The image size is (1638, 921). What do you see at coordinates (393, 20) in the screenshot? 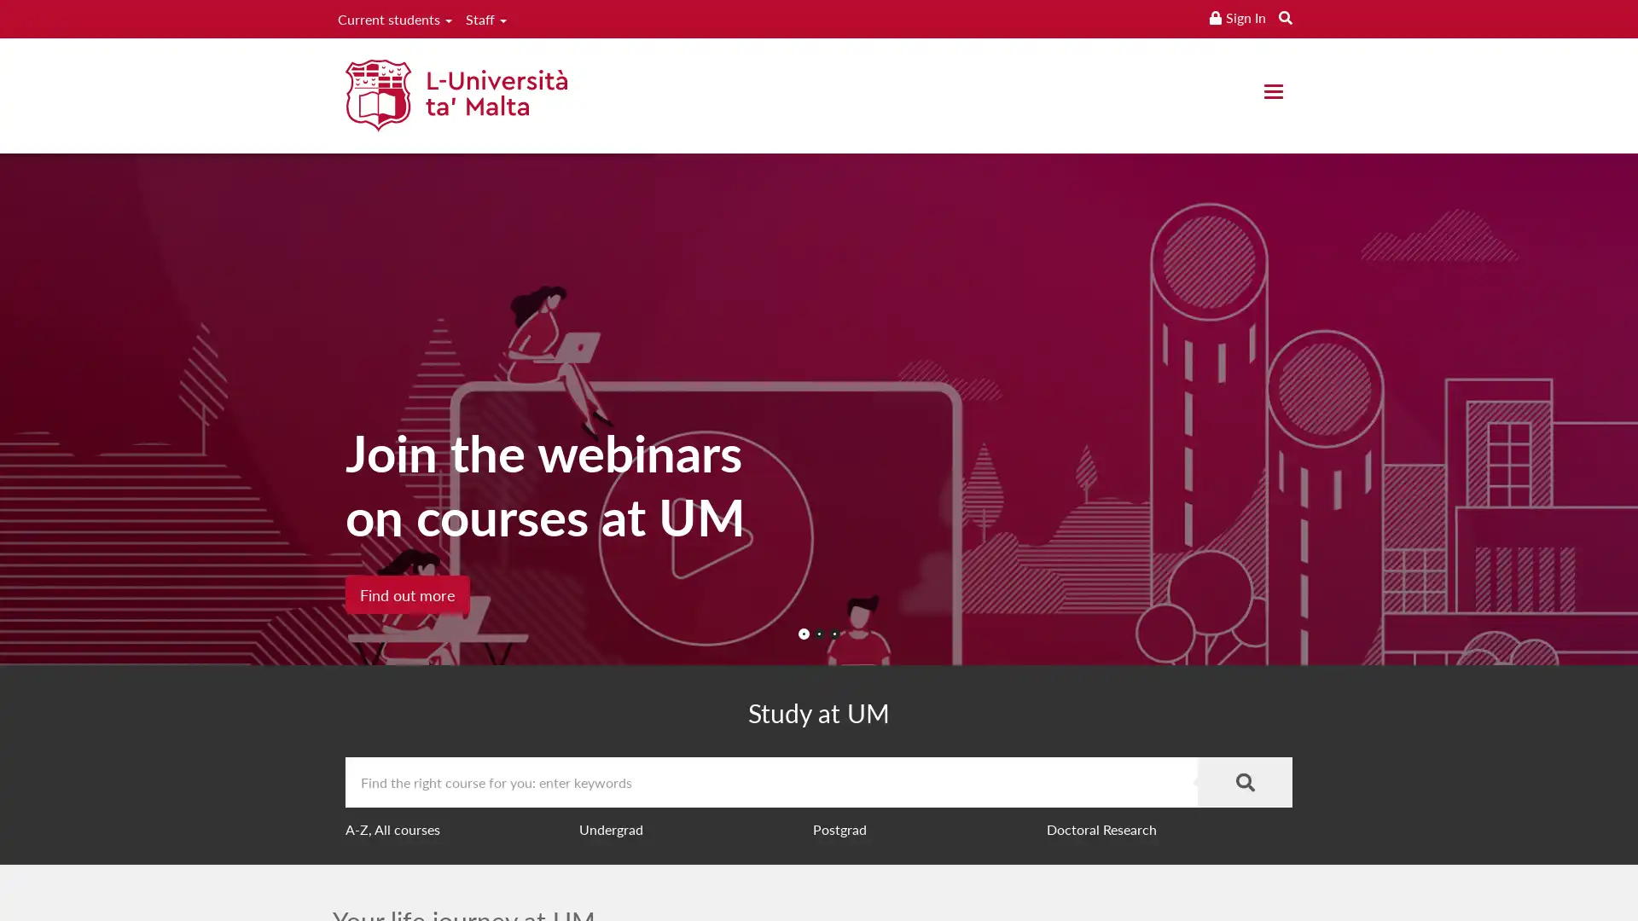
I see `Current students` at bounding box center [393, 20].